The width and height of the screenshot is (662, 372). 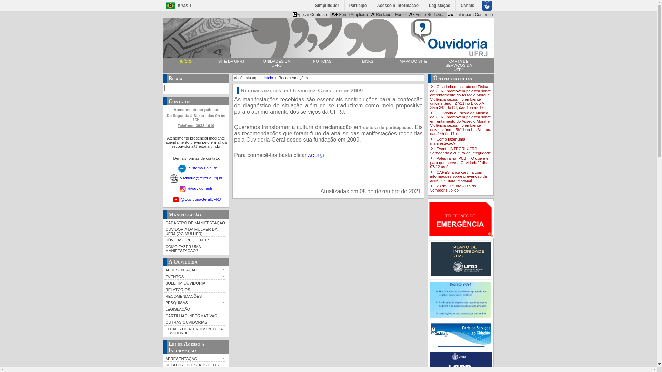 What do you see at coordinates (310, 14) in the screenshot?
I see `'CAplicar Contraste'` at bounding box center [310, 14].